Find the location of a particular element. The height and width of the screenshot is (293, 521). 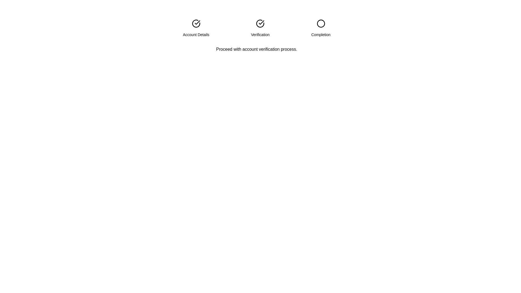

the 'Verification' step indicator in the multi-step indicator, which is the second element in a horizontal layout is located at coordinates (260, 28).